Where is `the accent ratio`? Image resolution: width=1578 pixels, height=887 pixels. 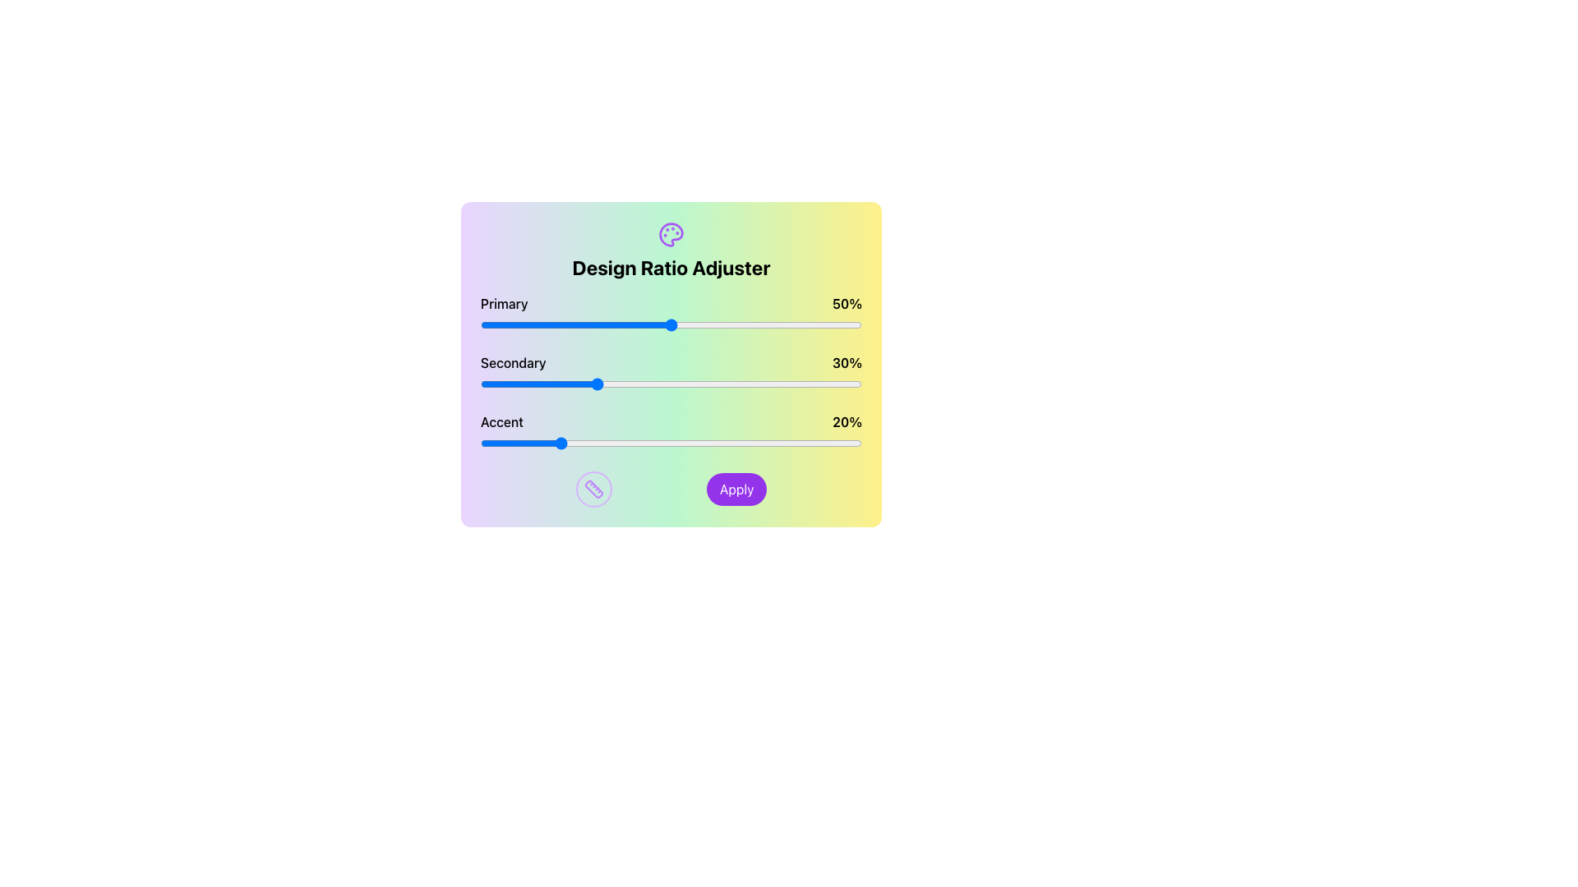 the accent ratio is located at coordinates (530, 443).